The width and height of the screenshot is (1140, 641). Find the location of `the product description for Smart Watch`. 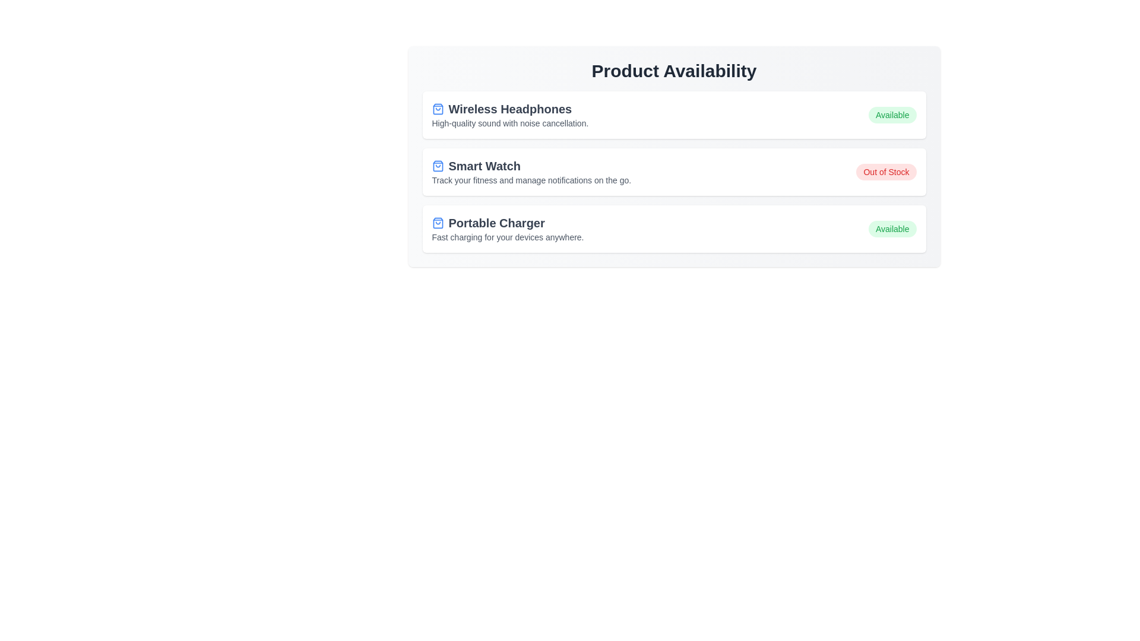

the product description for Smart Watch is located at coordinates (531, 172).